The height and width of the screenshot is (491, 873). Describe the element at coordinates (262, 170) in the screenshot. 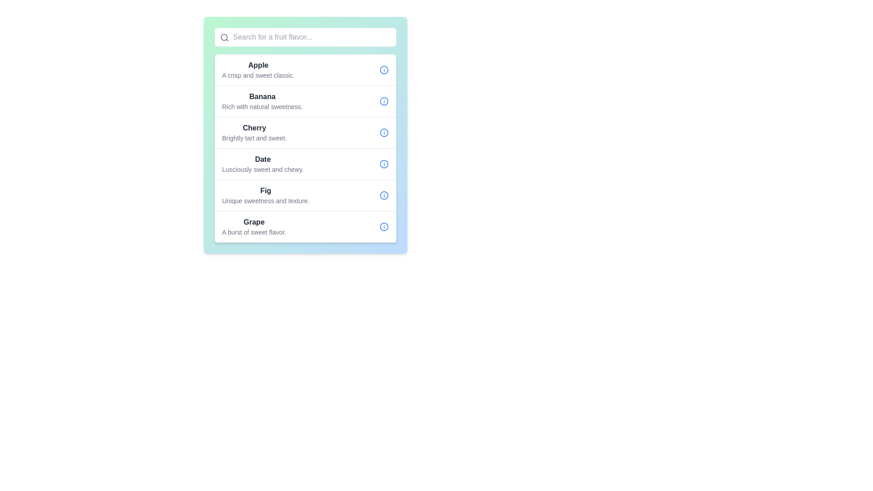

I see `the text label displaying 'Lusciously sweet and chewy.' which is located below the 'Date' title text in the right panel` at that location.